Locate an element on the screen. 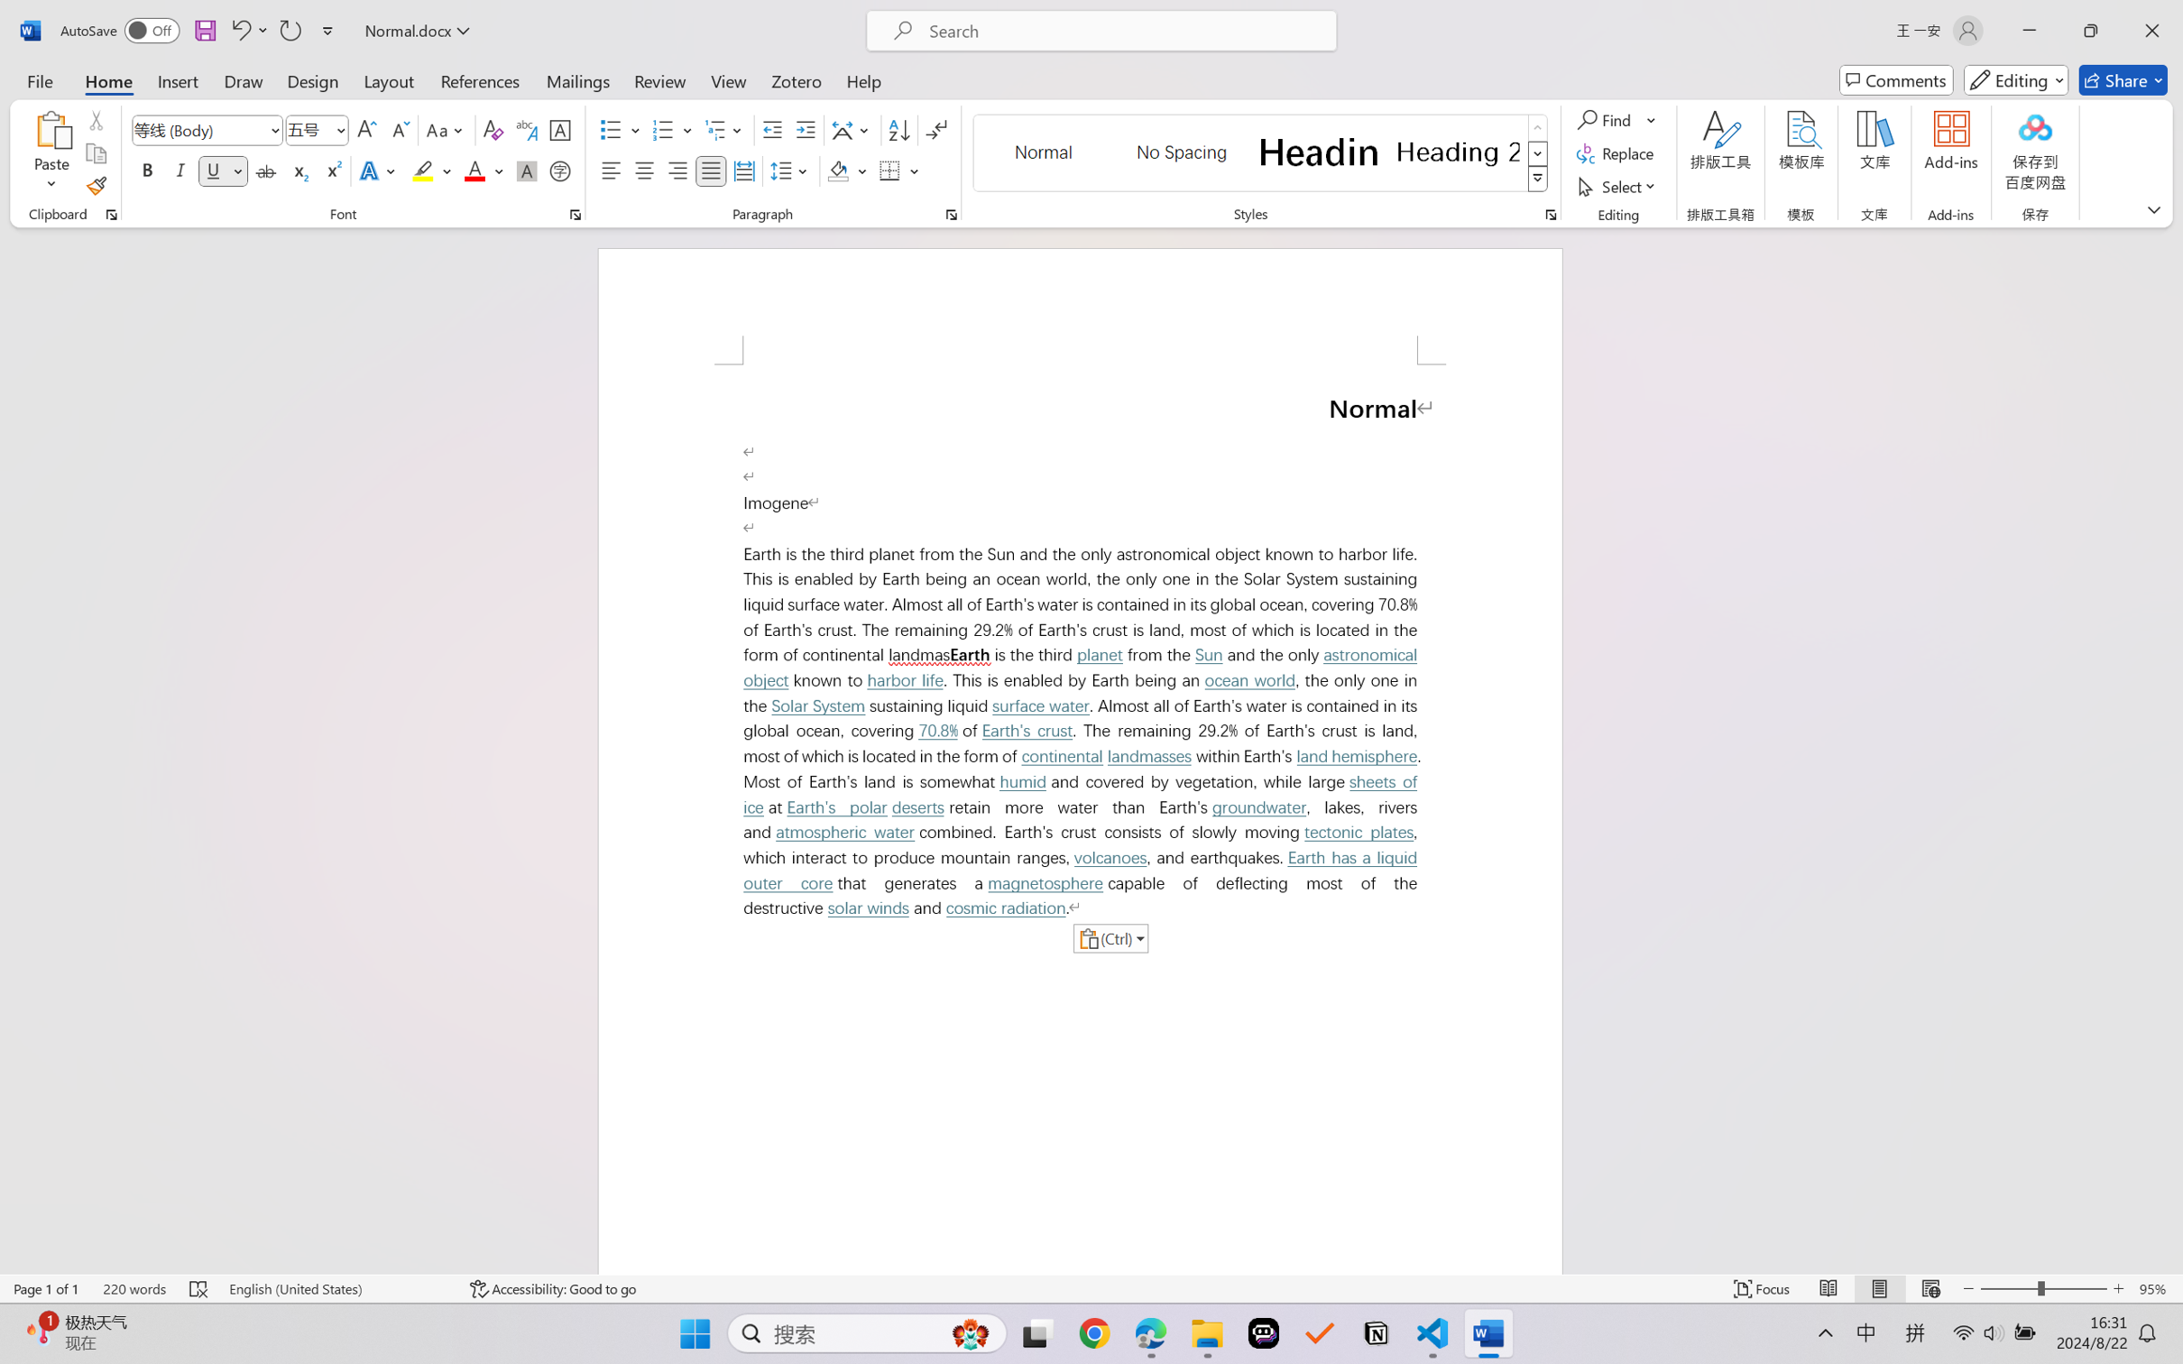 The height and width of the screenshot is (1364, 2183). 'Sort...' is located at coordinates (898, 130).